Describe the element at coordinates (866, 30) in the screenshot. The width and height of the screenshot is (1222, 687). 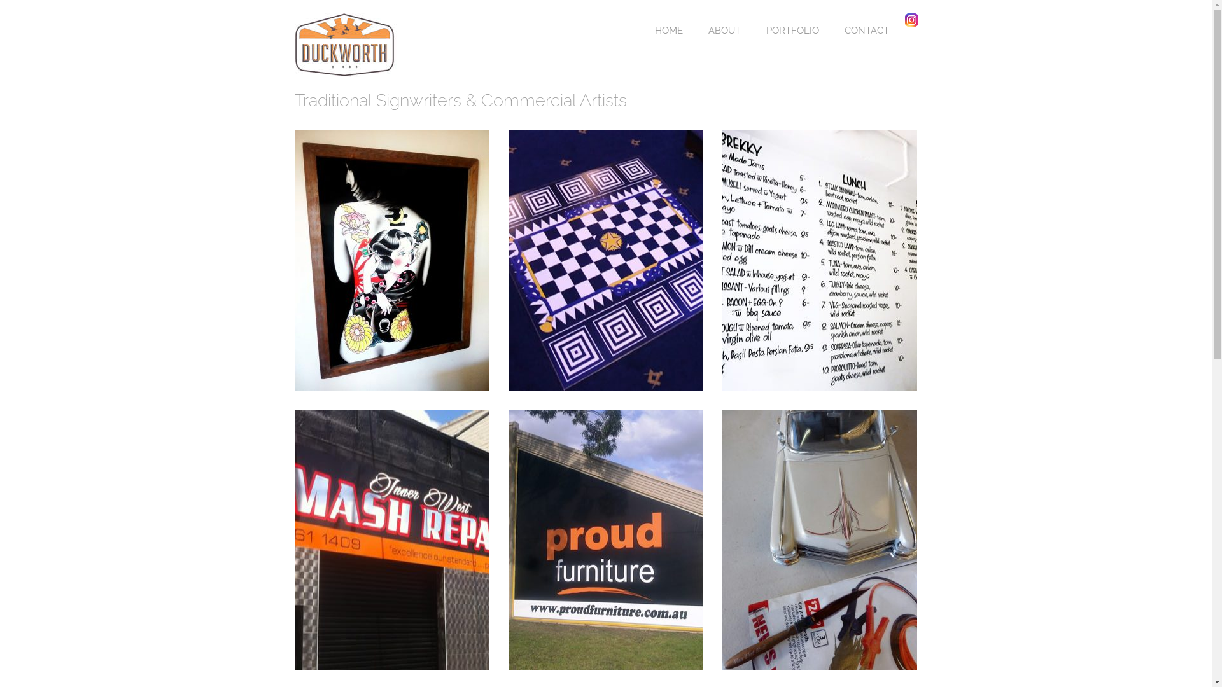
I see `'CONTACT'` at that location.